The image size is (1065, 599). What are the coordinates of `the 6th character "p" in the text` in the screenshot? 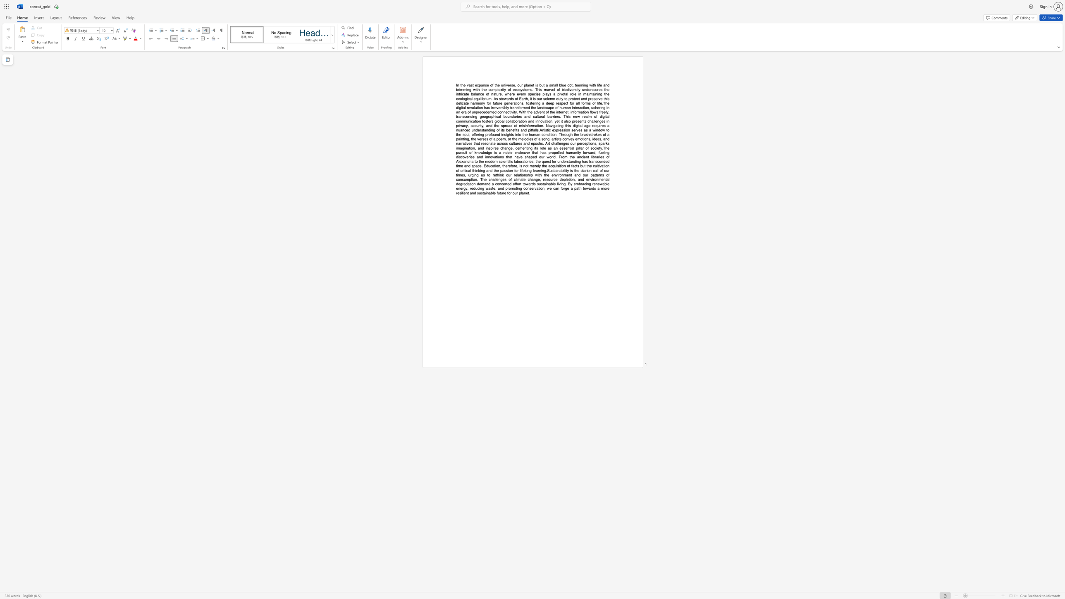 It's located at (578, 143).